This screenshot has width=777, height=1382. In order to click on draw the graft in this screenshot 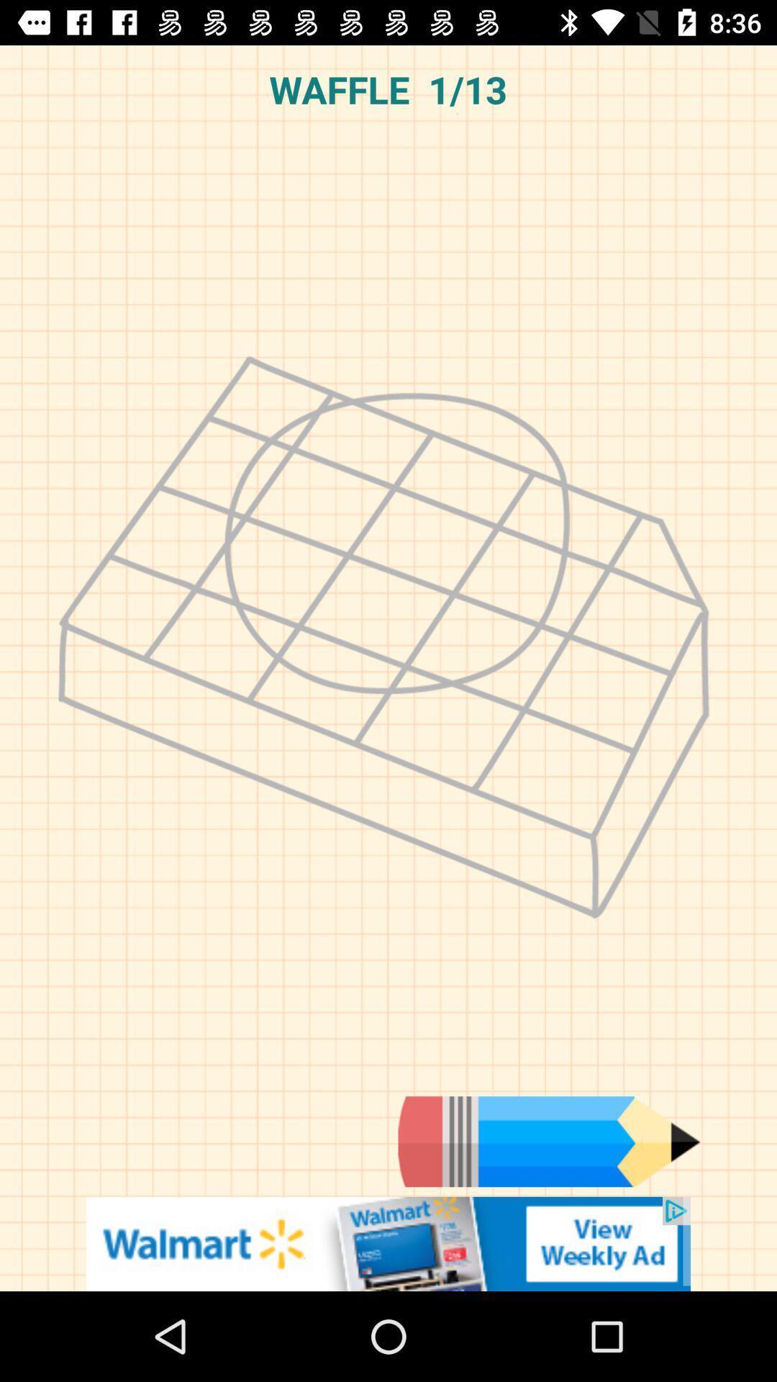, I will do `click(549, 1141)`.